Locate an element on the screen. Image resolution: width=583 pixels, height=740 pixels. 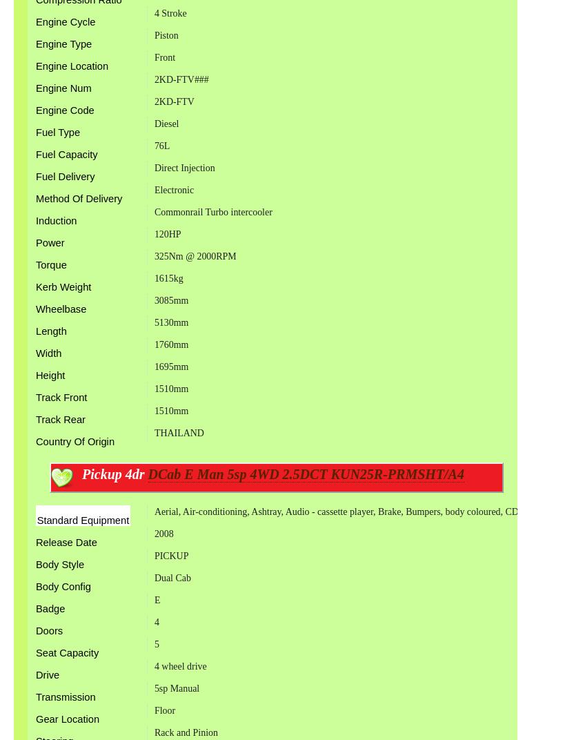
'5' is located at coordinates (155, 644).